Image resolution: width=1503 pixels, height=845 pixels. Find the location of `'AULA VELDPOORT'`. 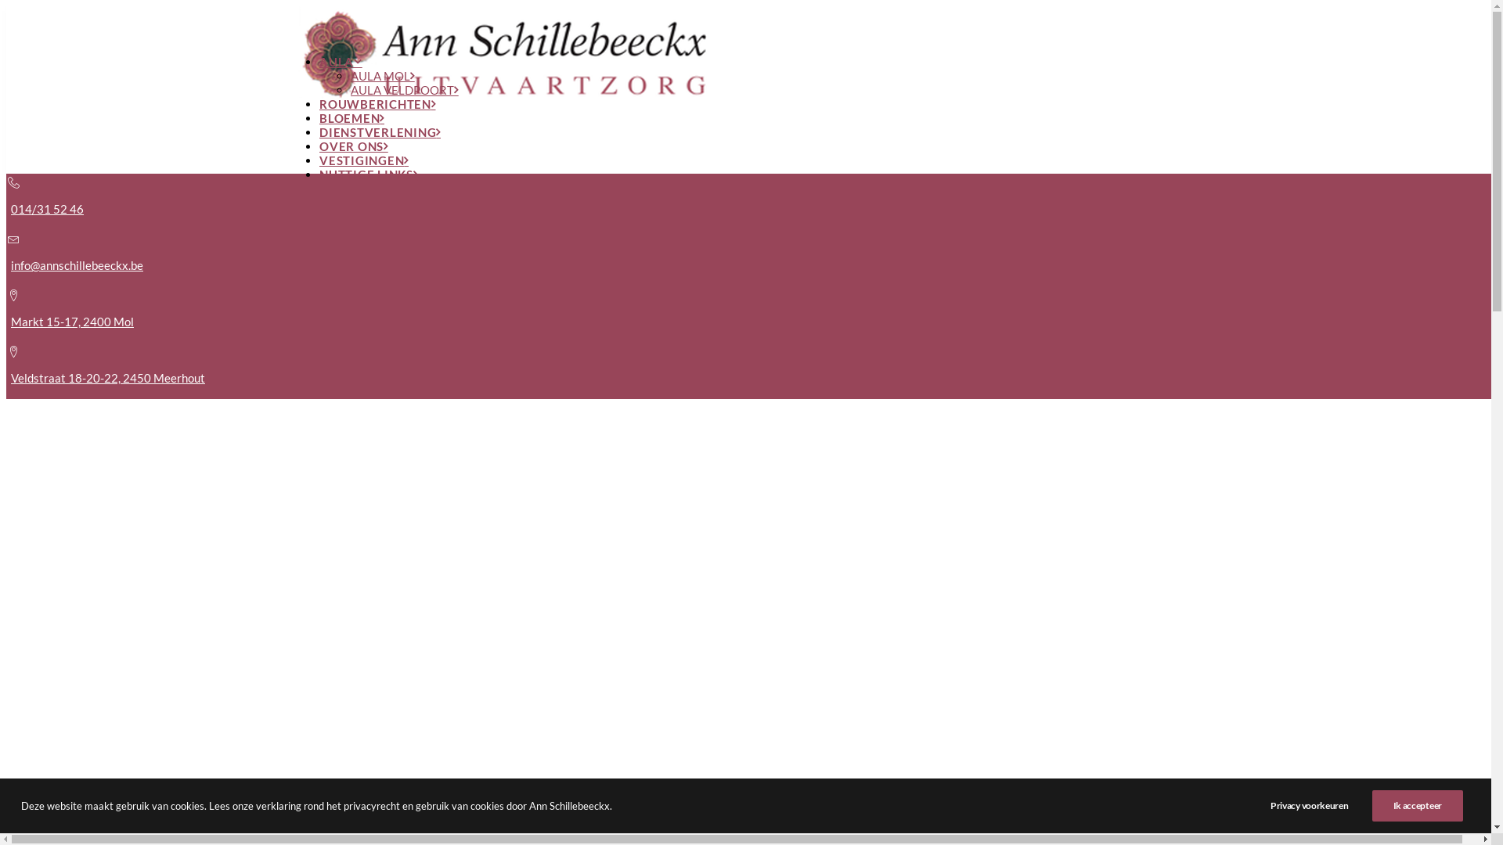

'AULA VELDPOORT' is located at coordinates (349, 90).